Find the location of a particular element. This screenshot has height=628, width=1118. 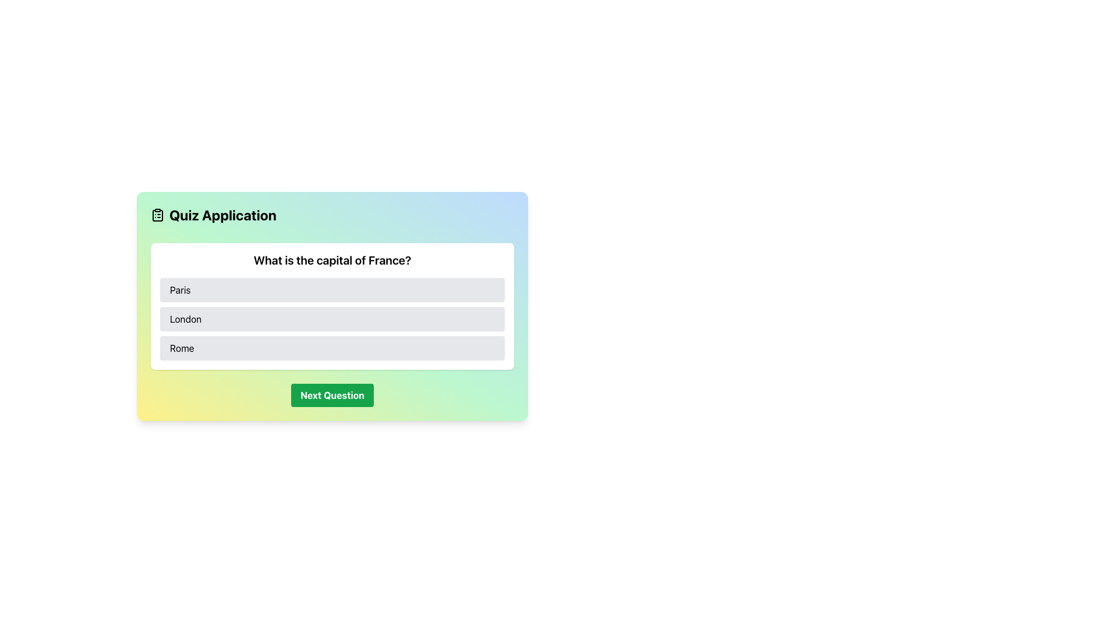

the button labeled 'London' with a gray background and rounded corners, located below the question 'What is the capital of France?' to change its background color is located at coordinates (332, 319).